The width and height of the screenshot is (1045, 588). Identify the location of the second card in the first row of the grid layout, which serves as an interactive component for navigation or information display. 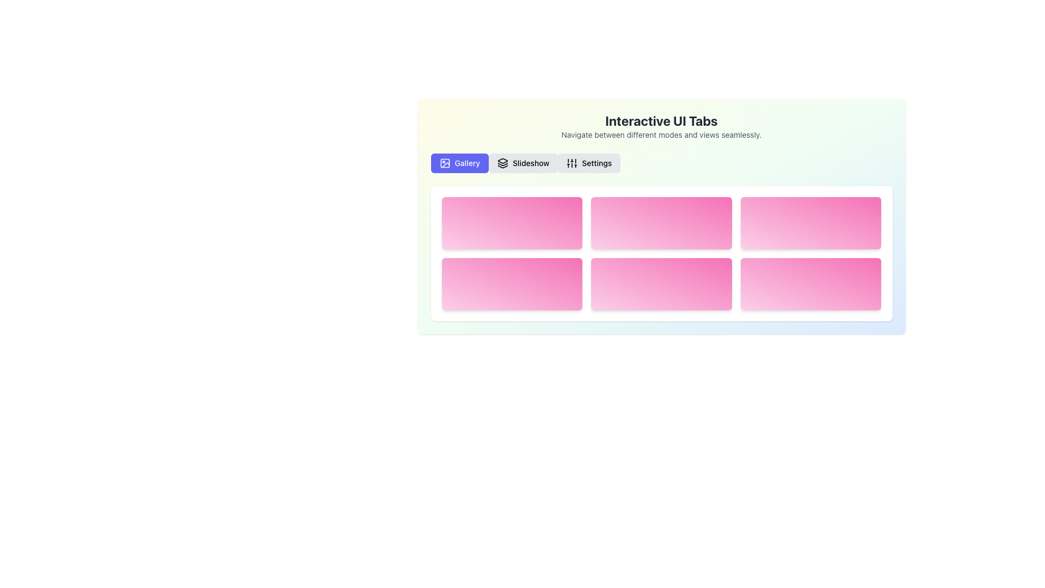
(661, 222).